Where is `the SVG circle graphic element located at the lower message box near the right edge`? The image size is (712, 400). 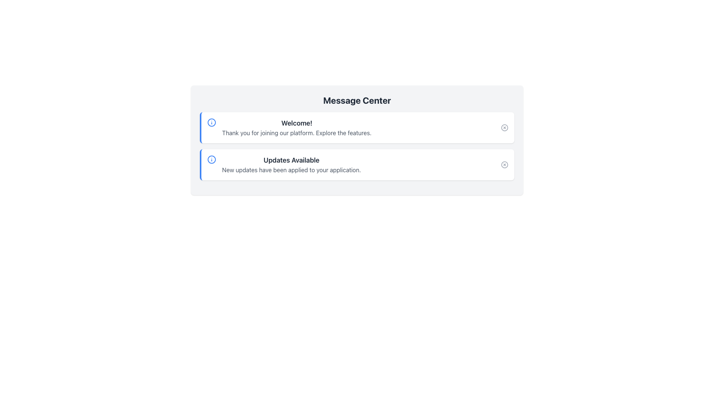
the SVG circle graphic element located at the lower message box near the right edge is located at coordinates (504, 164).